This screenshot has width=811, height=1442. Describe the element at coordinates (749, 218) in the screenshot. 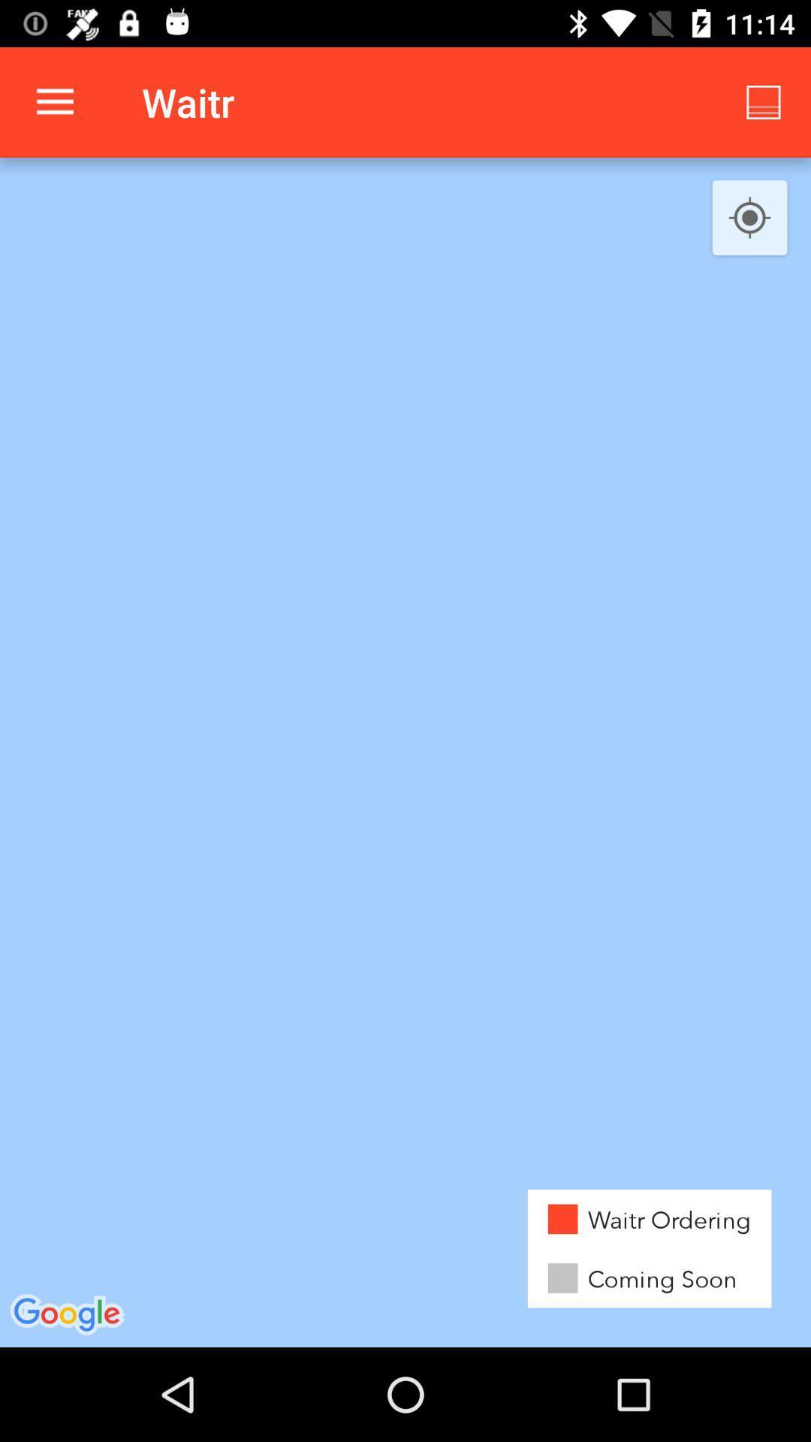

I see `the icon above waitr ordering icon` at that location.